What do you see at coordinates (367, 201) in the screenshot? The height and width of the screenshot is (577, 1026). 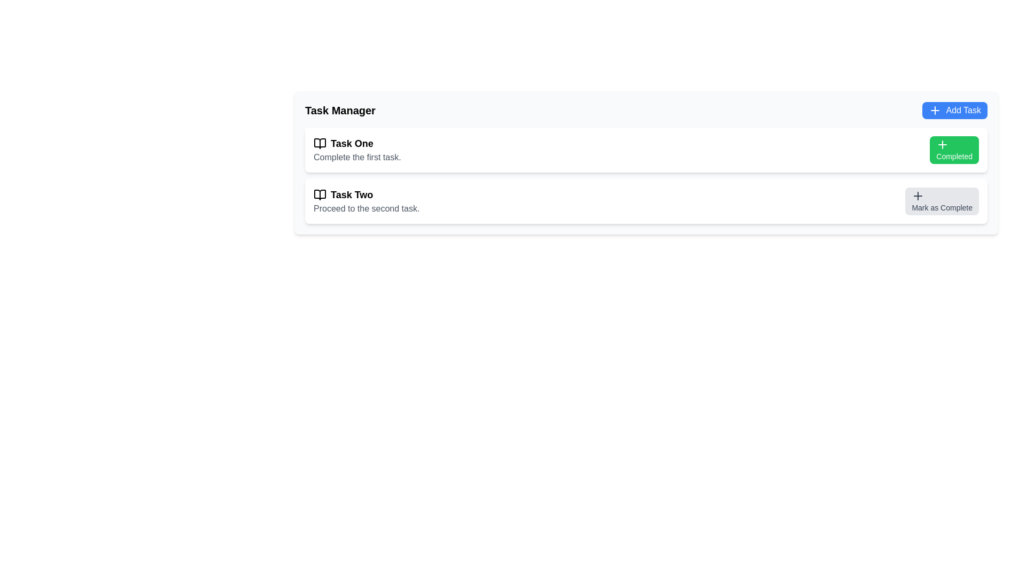 I see `the text block with the title 'Task Two' and subtitle 'Proceed to the second task', which is located within the task card for 'Task Two', centered horizontally and vertically split between the title and subtitle` at bounding box center [367, 201].